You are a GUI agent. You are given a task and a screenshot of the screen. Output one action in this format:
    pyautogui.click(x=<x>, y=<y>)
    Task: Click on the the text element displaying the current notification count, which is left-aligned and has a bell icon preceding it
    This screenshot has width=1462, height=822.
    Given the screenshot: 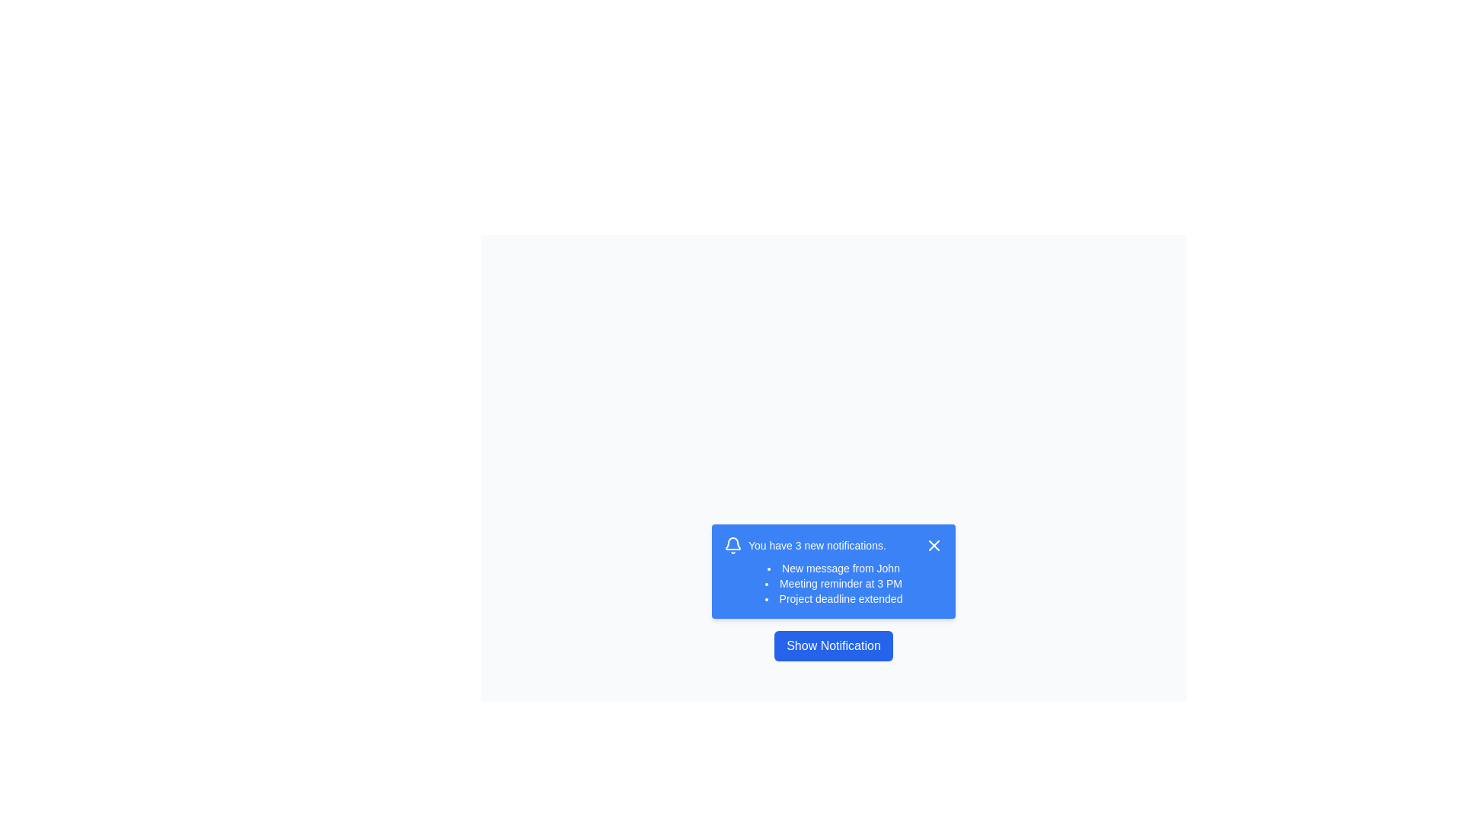 What is the action you would take?
    pyautogui.click(x=804, y=545)
    